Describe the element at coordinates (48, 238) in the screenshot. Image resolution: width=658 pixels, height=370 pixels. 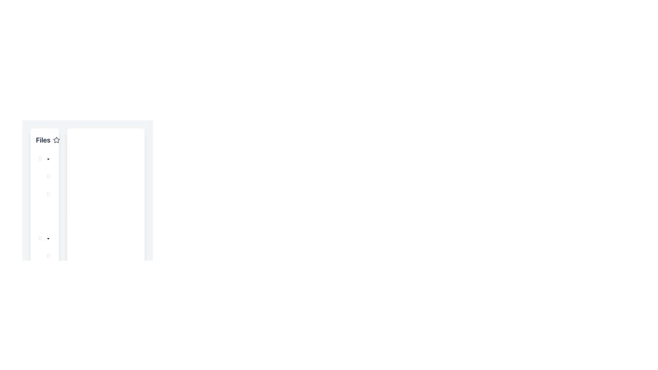
I see `the Dropdown Indicator Icon located in the vertical list aligned with the 'Files' section` at that location.